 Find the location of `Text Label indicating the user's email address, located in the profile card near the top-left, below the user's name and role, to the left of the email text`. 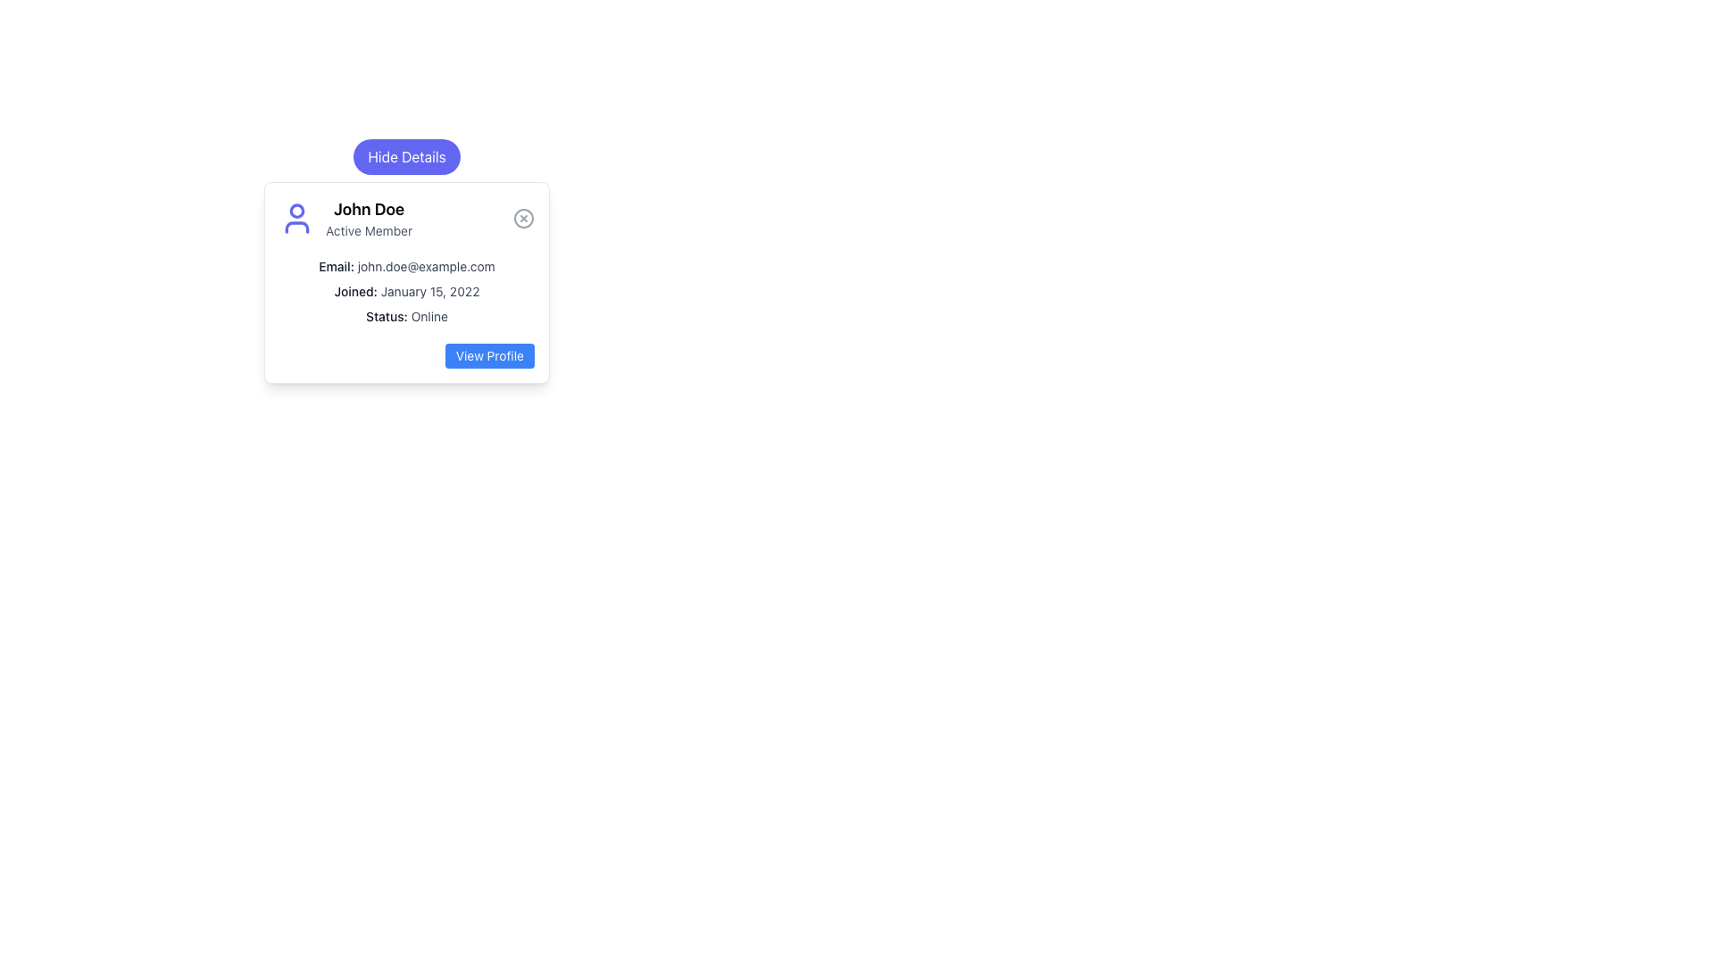

Text Label indicating the user's email address, located in the profile card near the top-left, below the user's name and role, to the left of the email text is located at coordinates (337, 266).